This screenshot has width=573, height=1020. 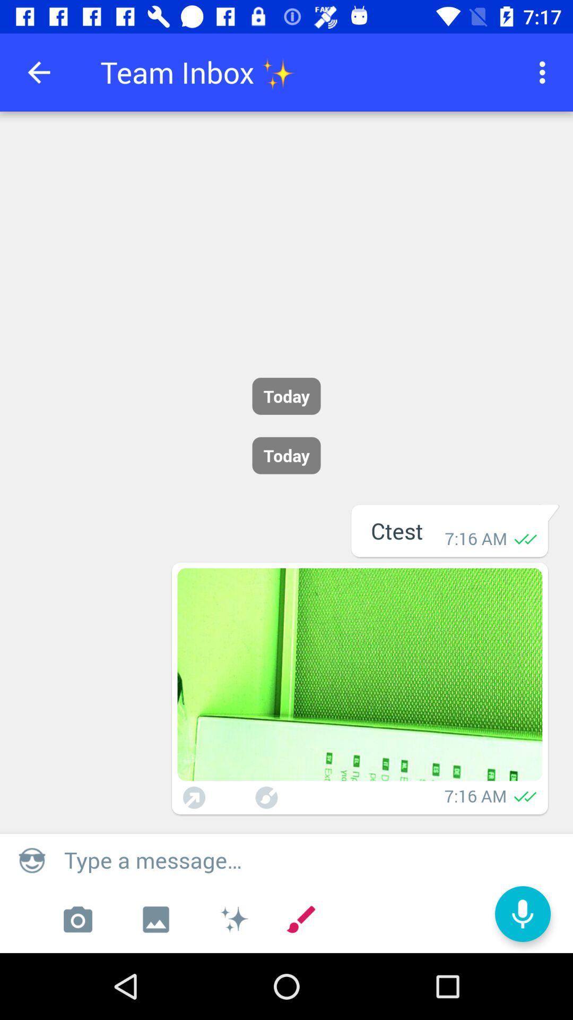 I want to click on camera, so click(x=77, y=919).